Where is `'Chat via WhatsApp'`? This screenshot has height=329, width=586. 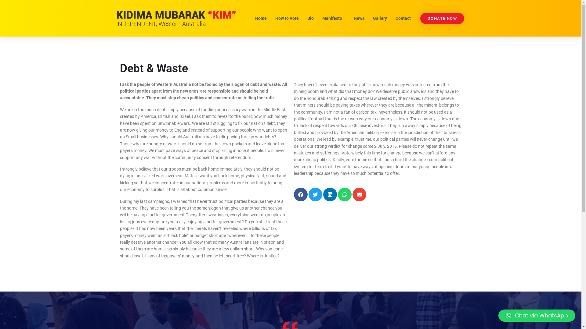 'Chat via WhatsApp' is located at coordinates (536, 315).